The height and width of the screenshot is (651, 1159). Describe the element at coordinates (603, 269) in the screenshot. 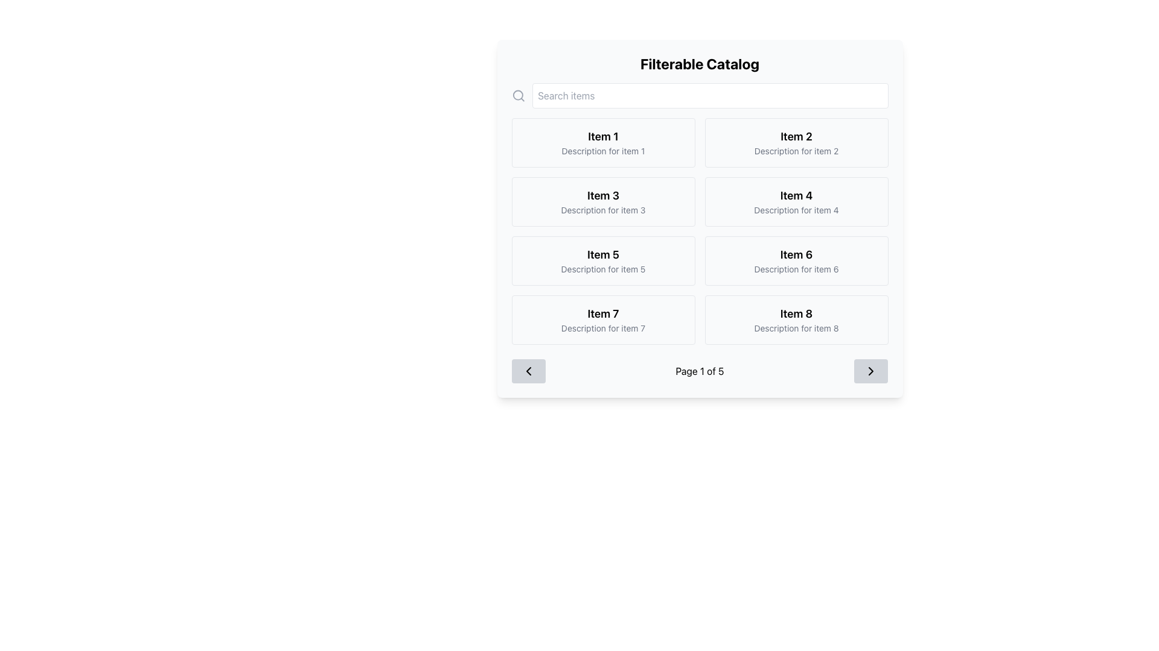

I see `the Text Label element styled with a smaller font and gray color, located beneath the bold title 'Item 5'` at that location.